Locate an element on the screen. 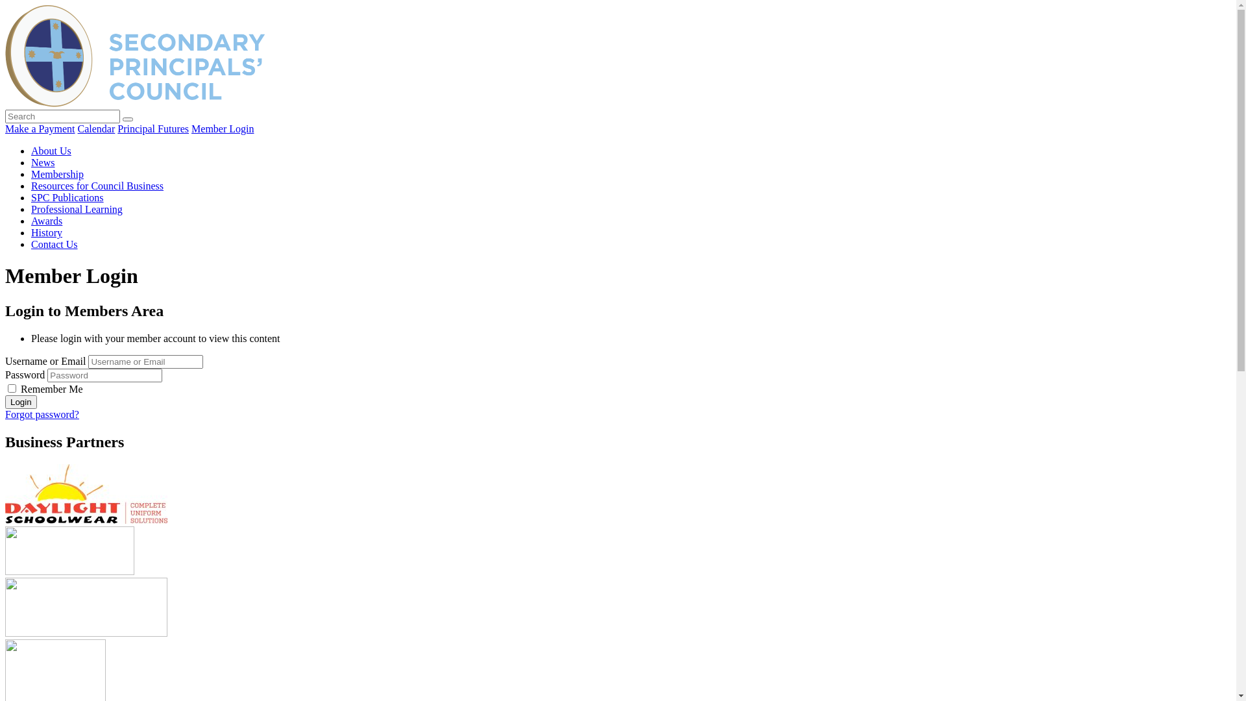 This screenshot has width=1246, height=701. 'SPC Publications' is located at coordinates (67, 197).